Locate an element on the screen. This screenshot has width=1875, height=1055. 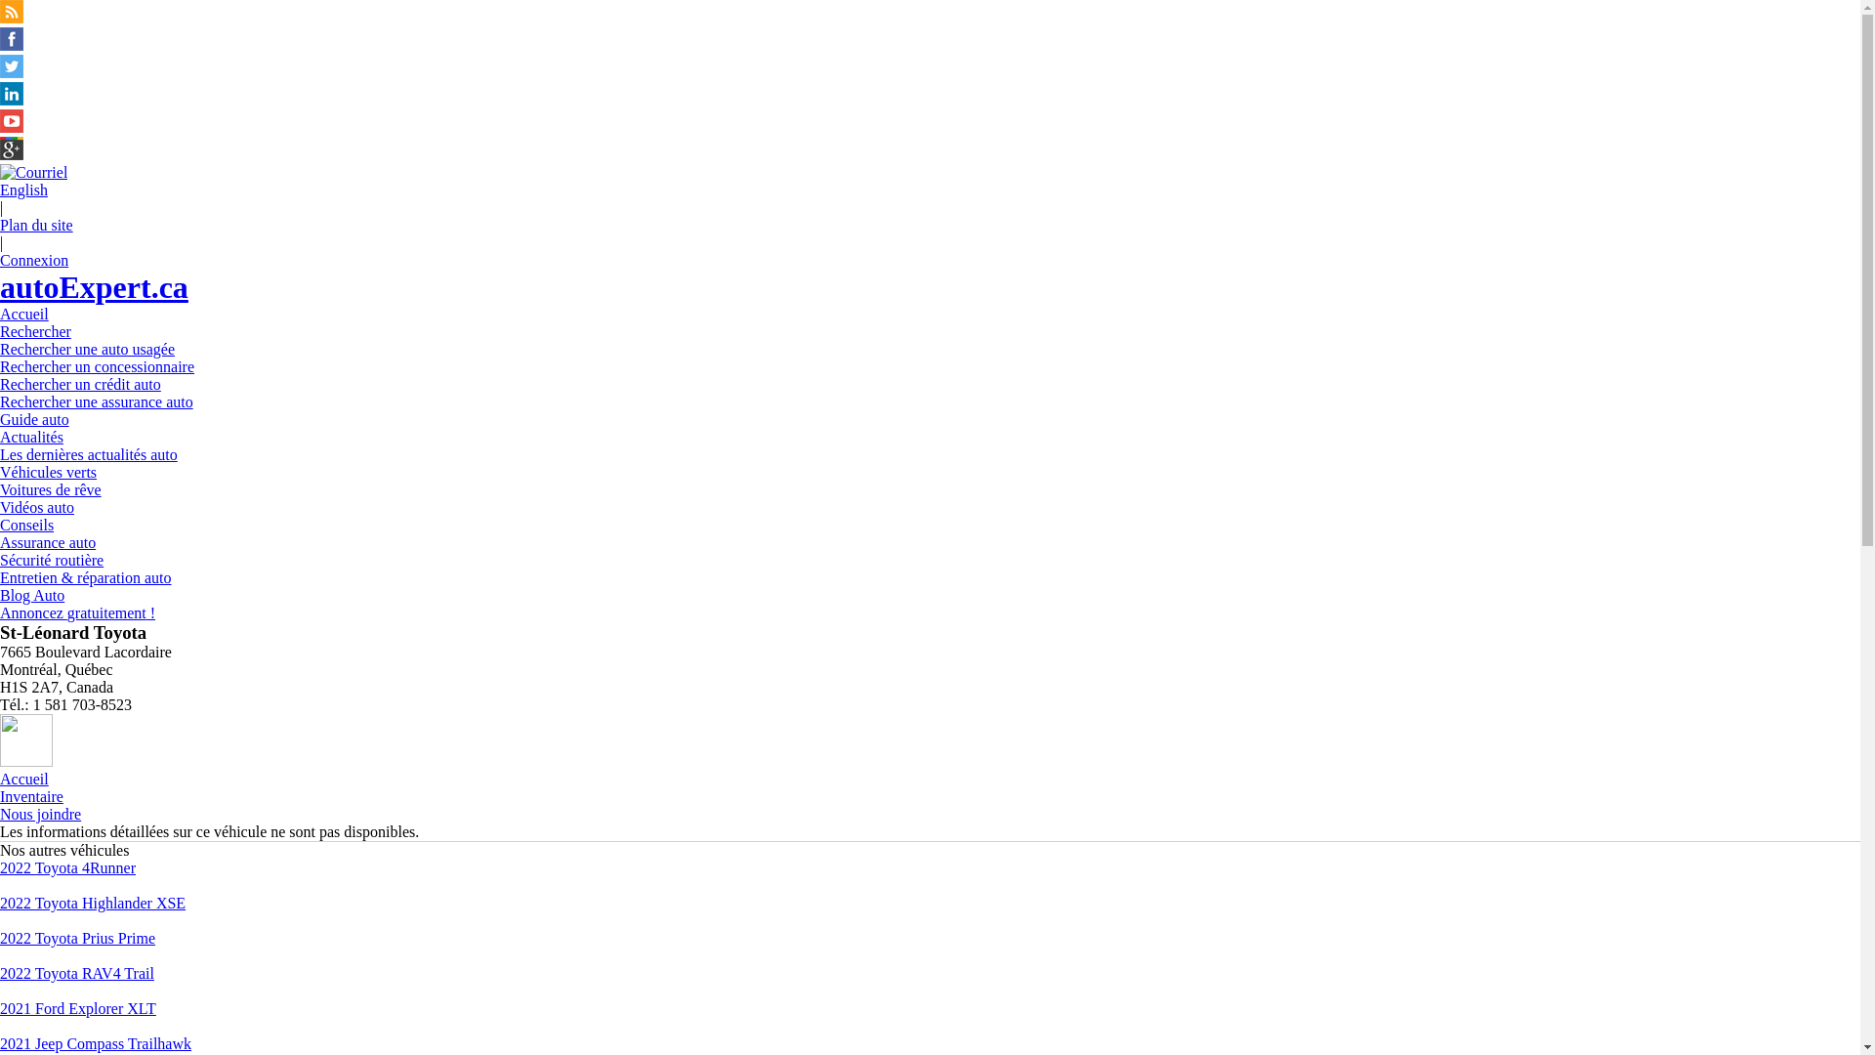
'Suivez autoExpert.ca sur Facebook' is located at coordinates (12, 44).